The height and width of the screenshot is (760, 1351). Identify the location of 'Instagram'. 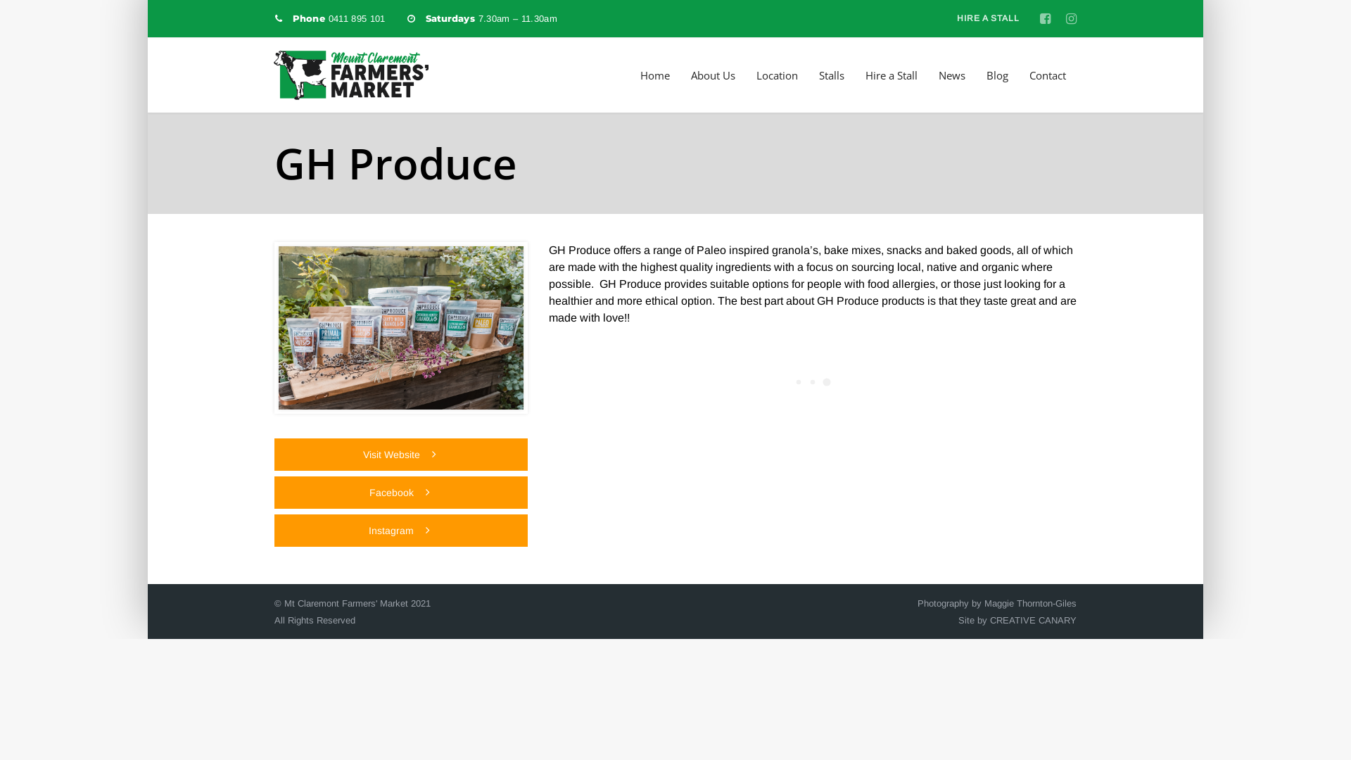
(400, 530).